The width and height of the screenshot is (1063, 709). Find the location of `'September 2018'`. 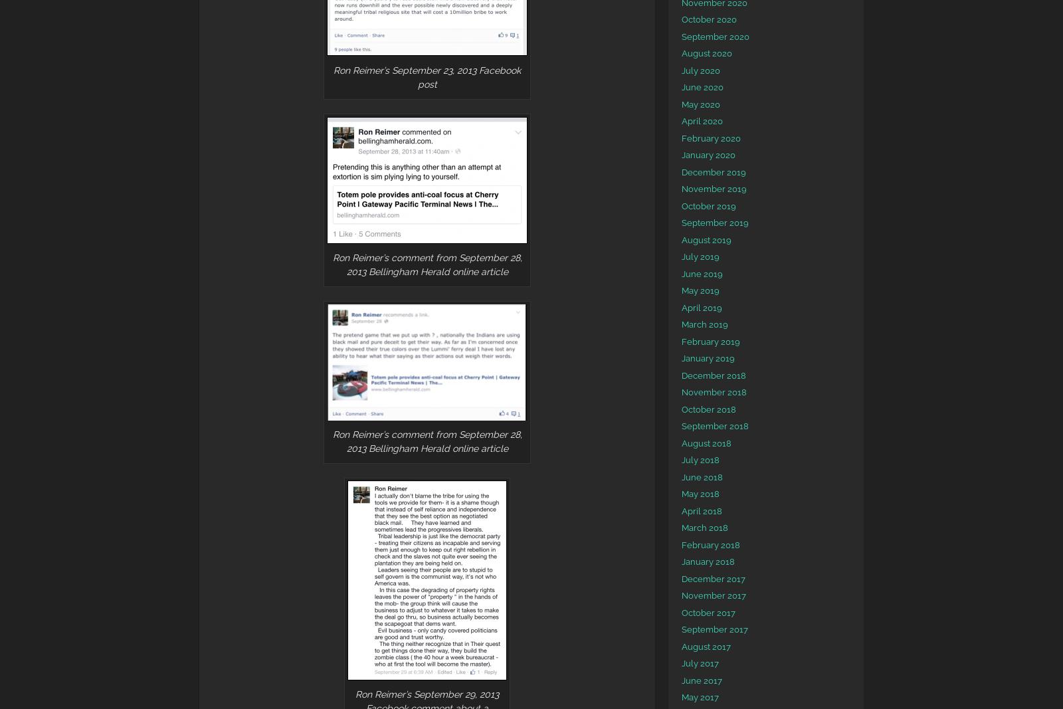

'September 2018' is located at coordinates (681, 426).